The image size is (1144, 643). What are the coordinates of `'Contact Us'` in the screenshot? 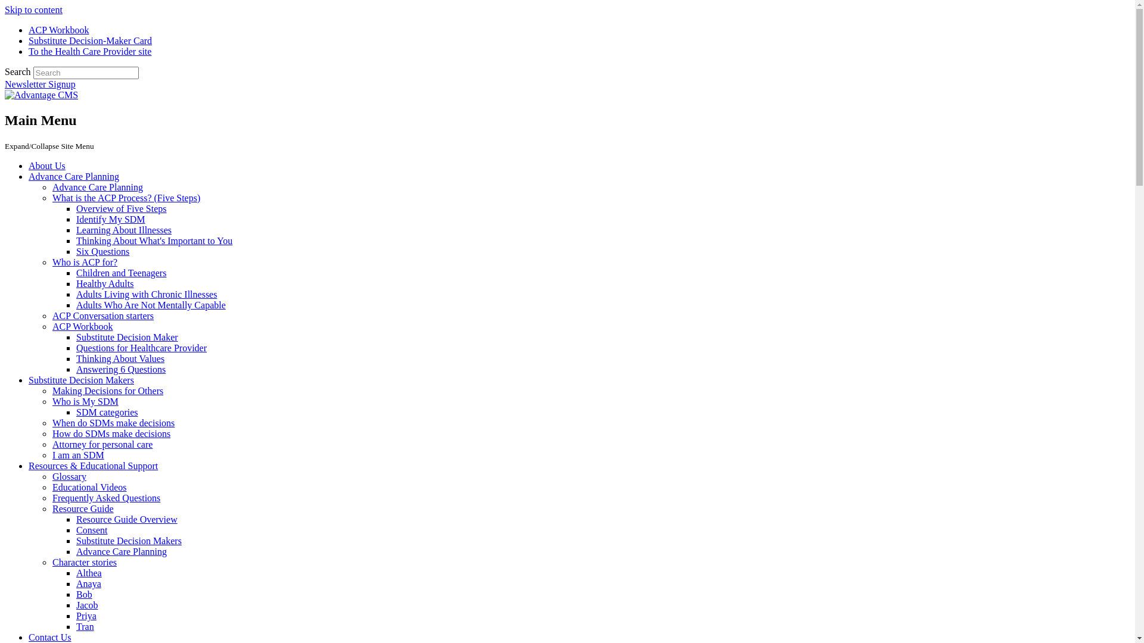 It's located at (29, 636).